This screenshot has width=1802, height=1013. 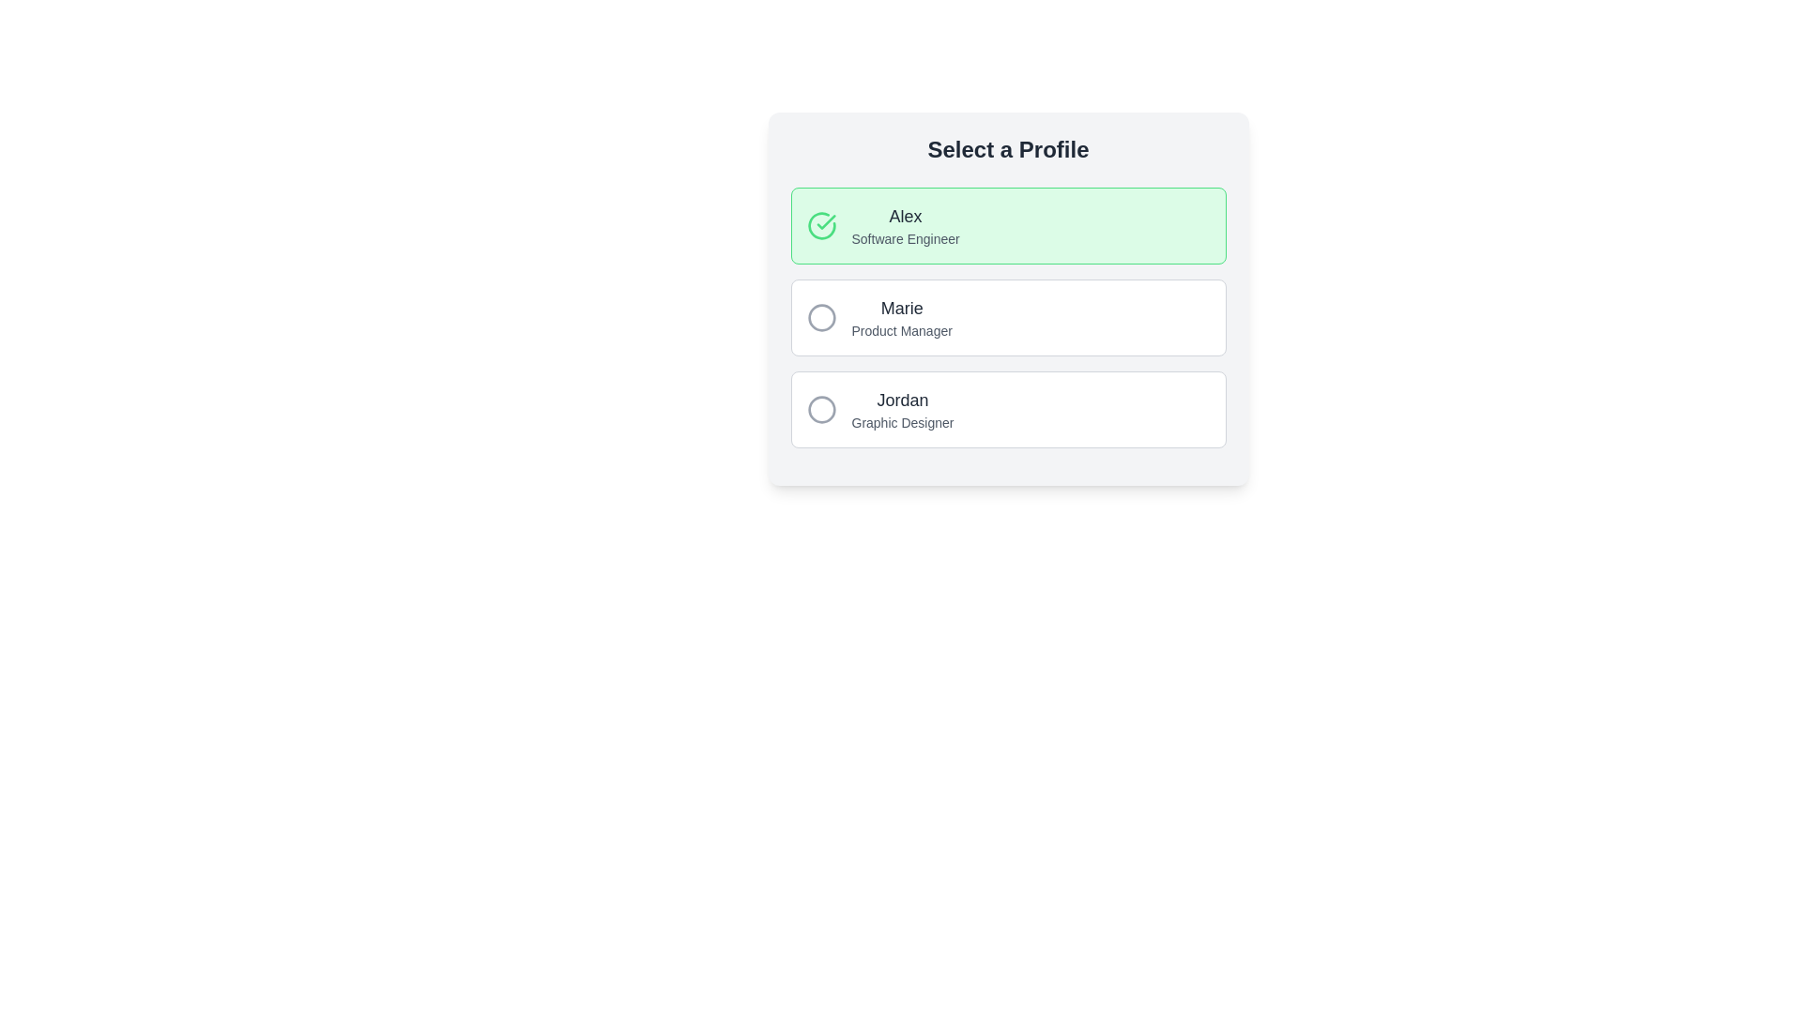 I want to click on the button labeled 'Marie, Product Manager', so click(x=1007, y=317).